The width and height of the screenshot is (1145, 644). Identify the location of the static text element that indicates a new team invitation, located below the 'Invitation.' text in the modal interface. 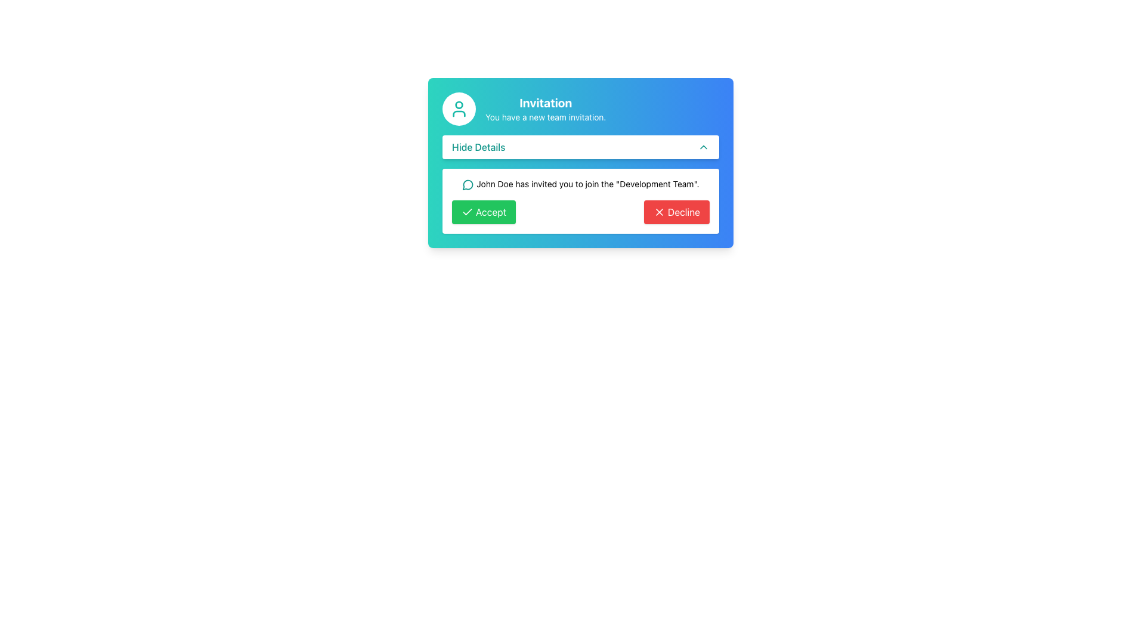
(545, 117).